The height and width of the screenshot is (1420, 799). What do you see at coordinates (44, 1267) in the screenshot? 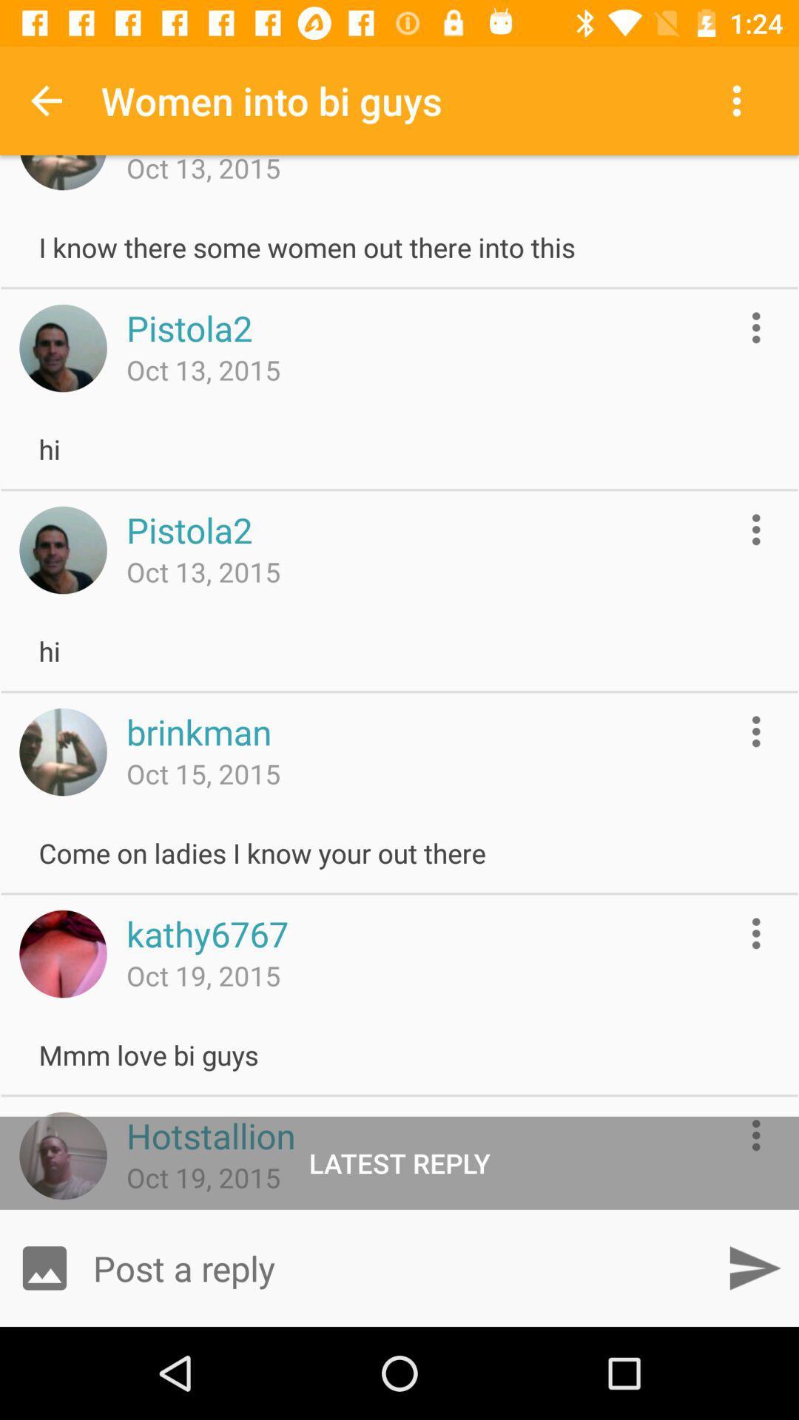
I see `icon below latest reply item` at bounding box center [44, 1267].